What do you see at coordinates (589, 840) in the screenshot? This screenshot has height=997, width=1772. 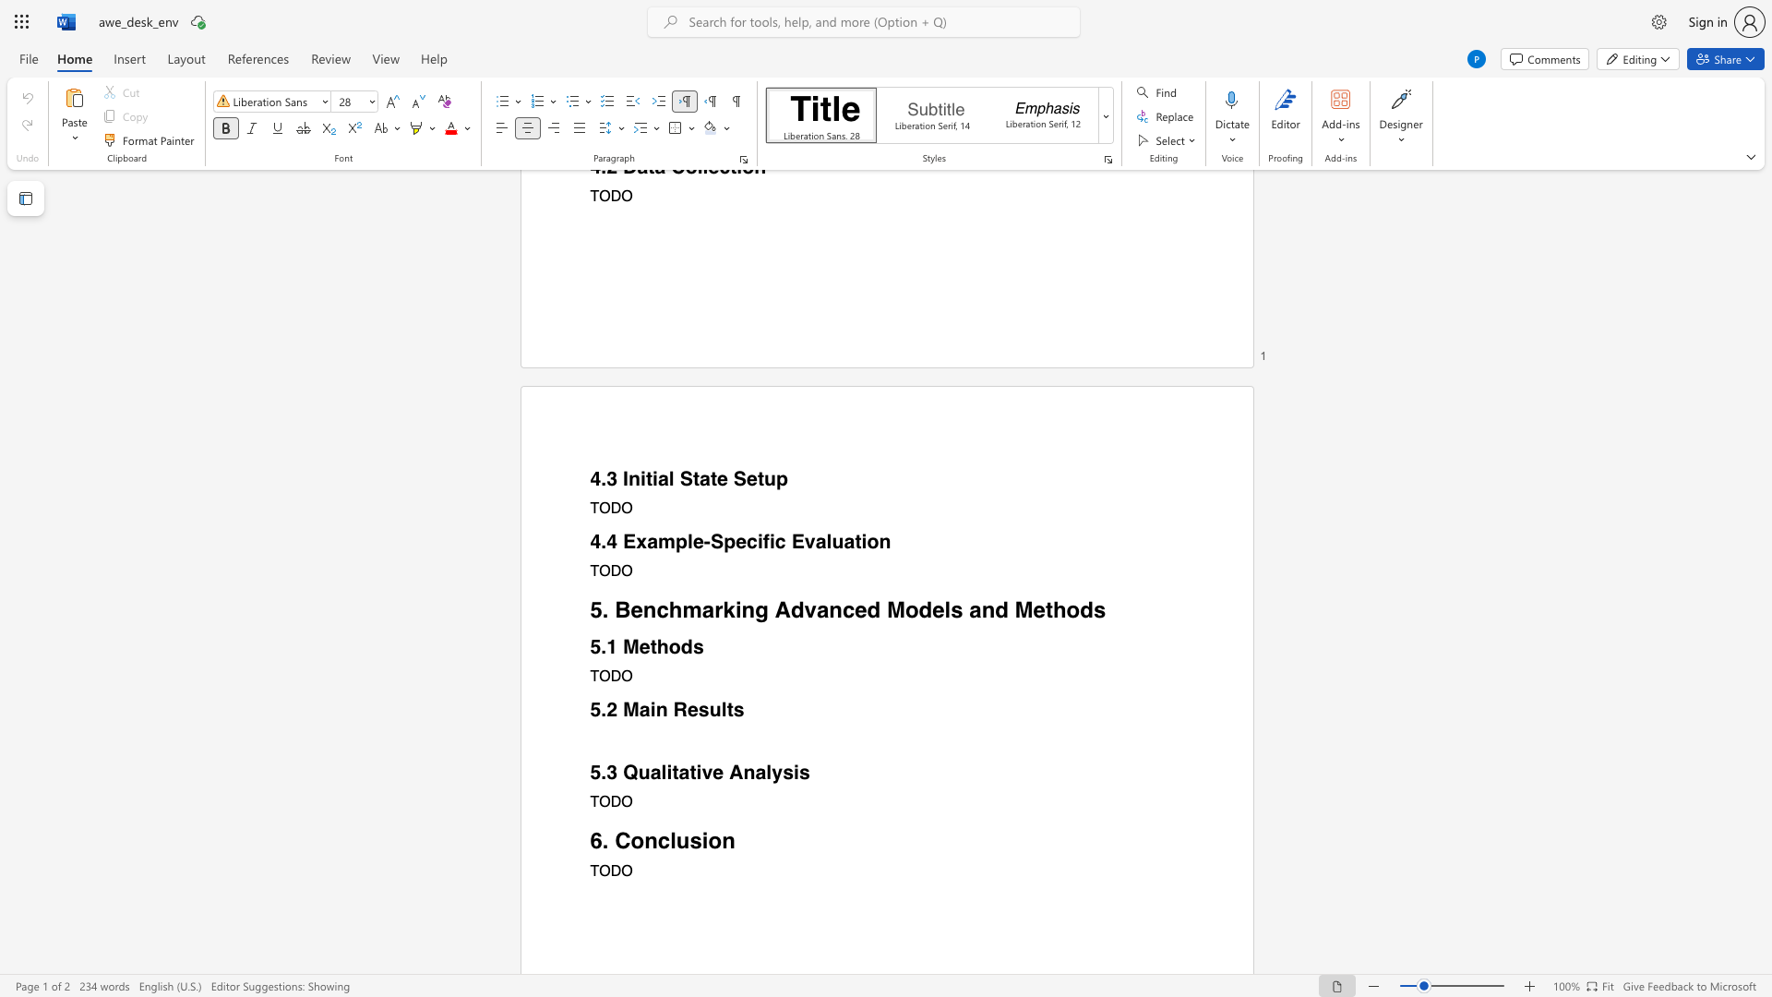 I see `the subset text "6. Conclus" within the text "6. Conclusion"` at bounding box center [589, 840].